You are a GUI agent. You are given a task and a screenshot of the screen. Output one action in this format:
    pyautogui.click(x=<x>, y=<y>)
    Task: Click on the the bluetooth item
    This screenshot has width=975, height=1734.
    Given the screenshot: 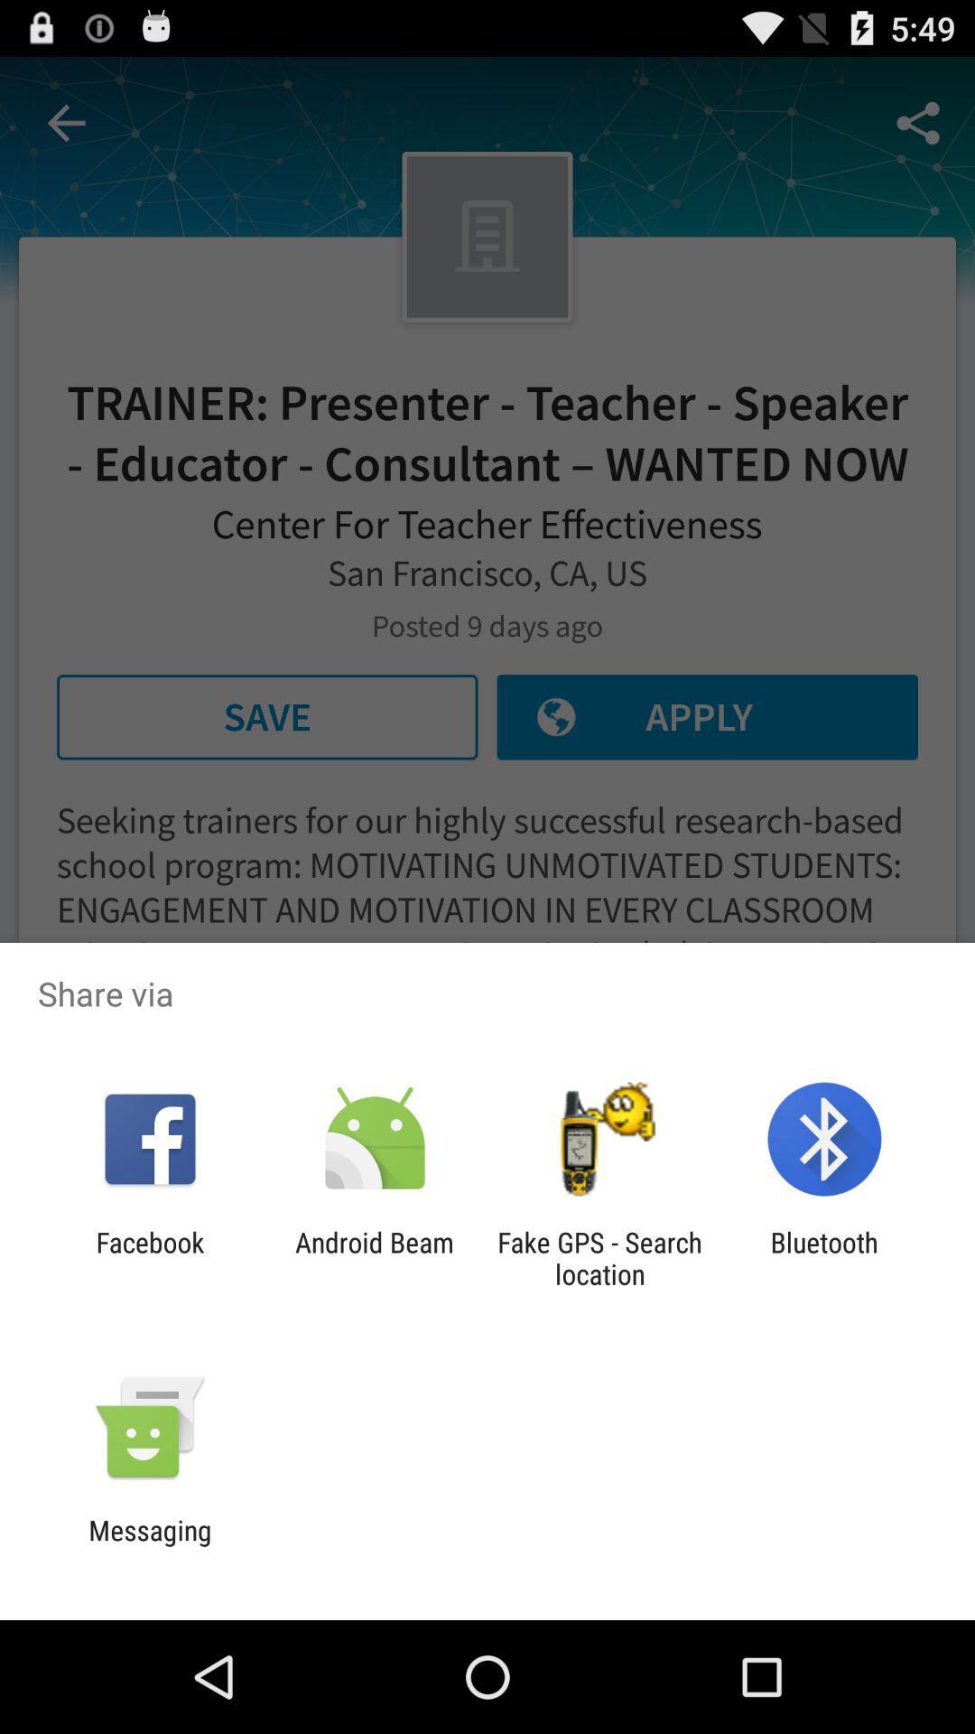 What is the action you would take?
    pyautogui.click(x=824, y=1257)
    